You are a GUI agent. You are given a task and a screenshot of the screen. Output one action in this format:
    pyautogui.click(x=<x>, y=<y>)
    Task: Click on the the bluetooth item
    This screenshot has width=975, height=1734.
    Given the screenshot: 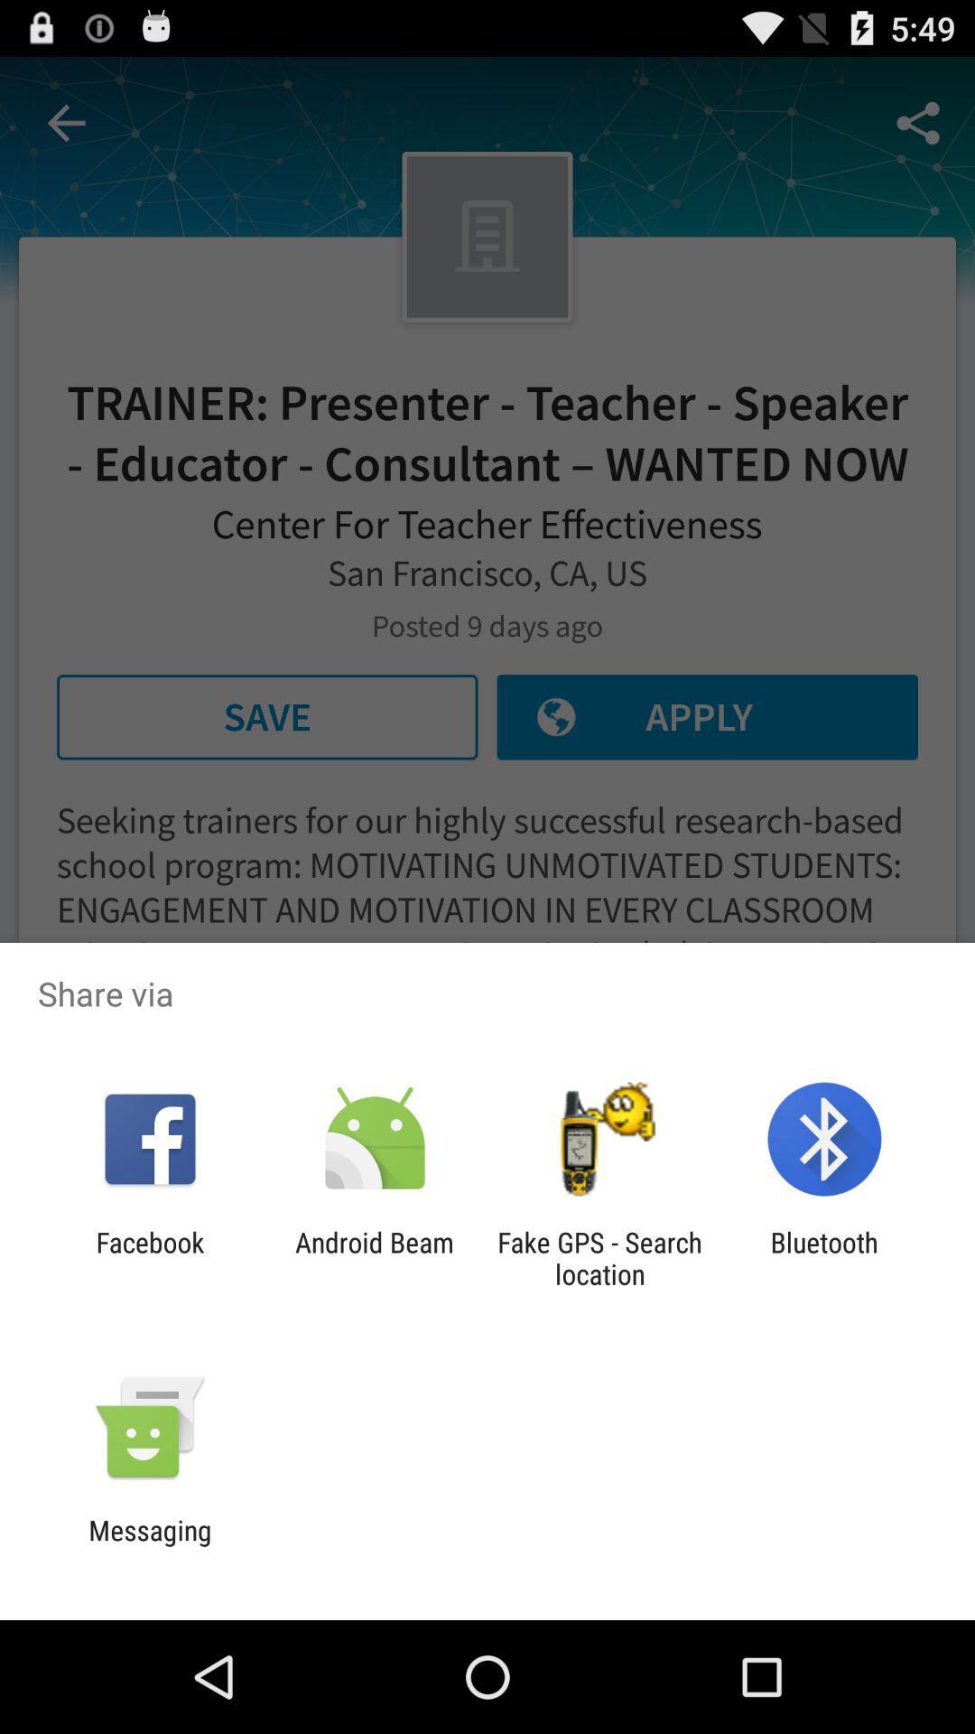 What is the action you would take?
    pyautogui.click(x=824, y=1257)
    